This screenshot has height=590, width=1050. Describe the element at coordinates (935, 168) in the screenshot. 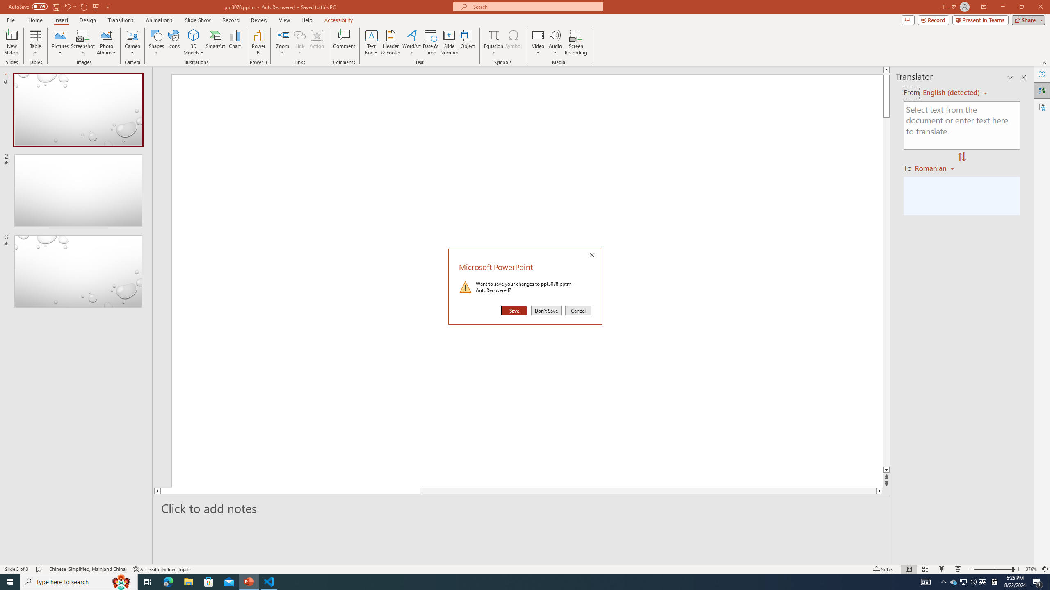

I see `'Romanian'` at that location.